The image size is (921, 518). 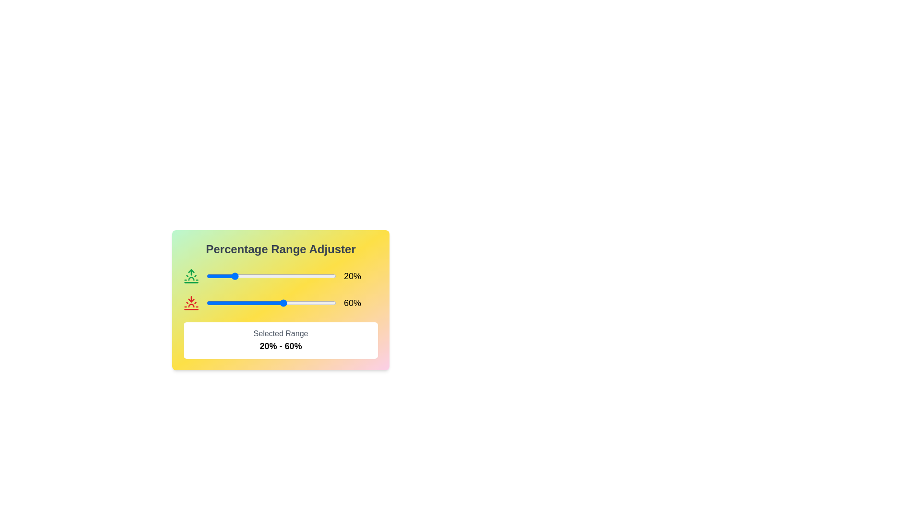 I want to click on the slider, so click(x=266, y=303).